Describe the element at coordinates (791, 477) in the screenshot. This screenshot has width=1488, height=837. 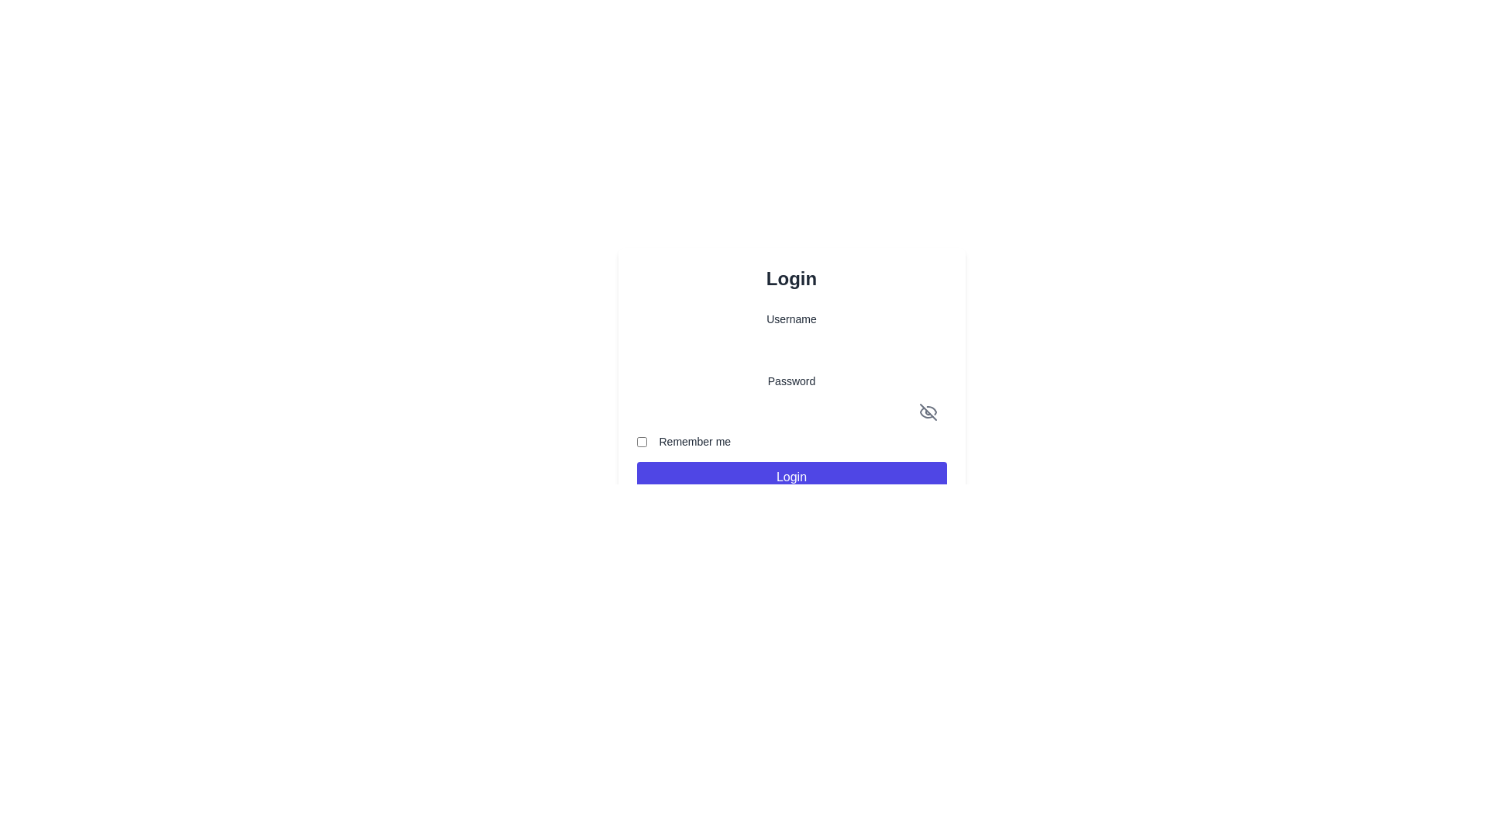
I see `the submit button located below the 'Remember me' checkbox to initiate the authentication process for the login form` at that location.